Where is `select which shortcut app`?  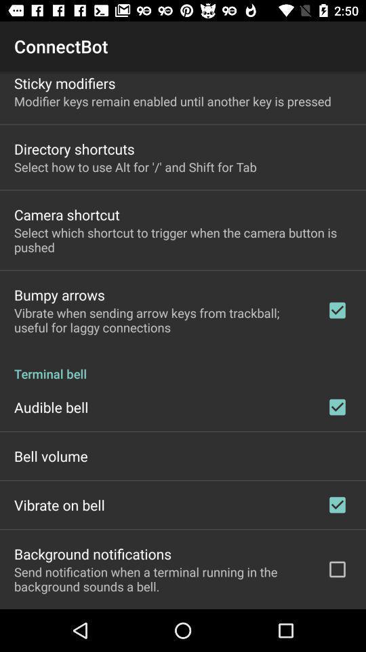 select which shortcut app is located at coordinates (183, 240).